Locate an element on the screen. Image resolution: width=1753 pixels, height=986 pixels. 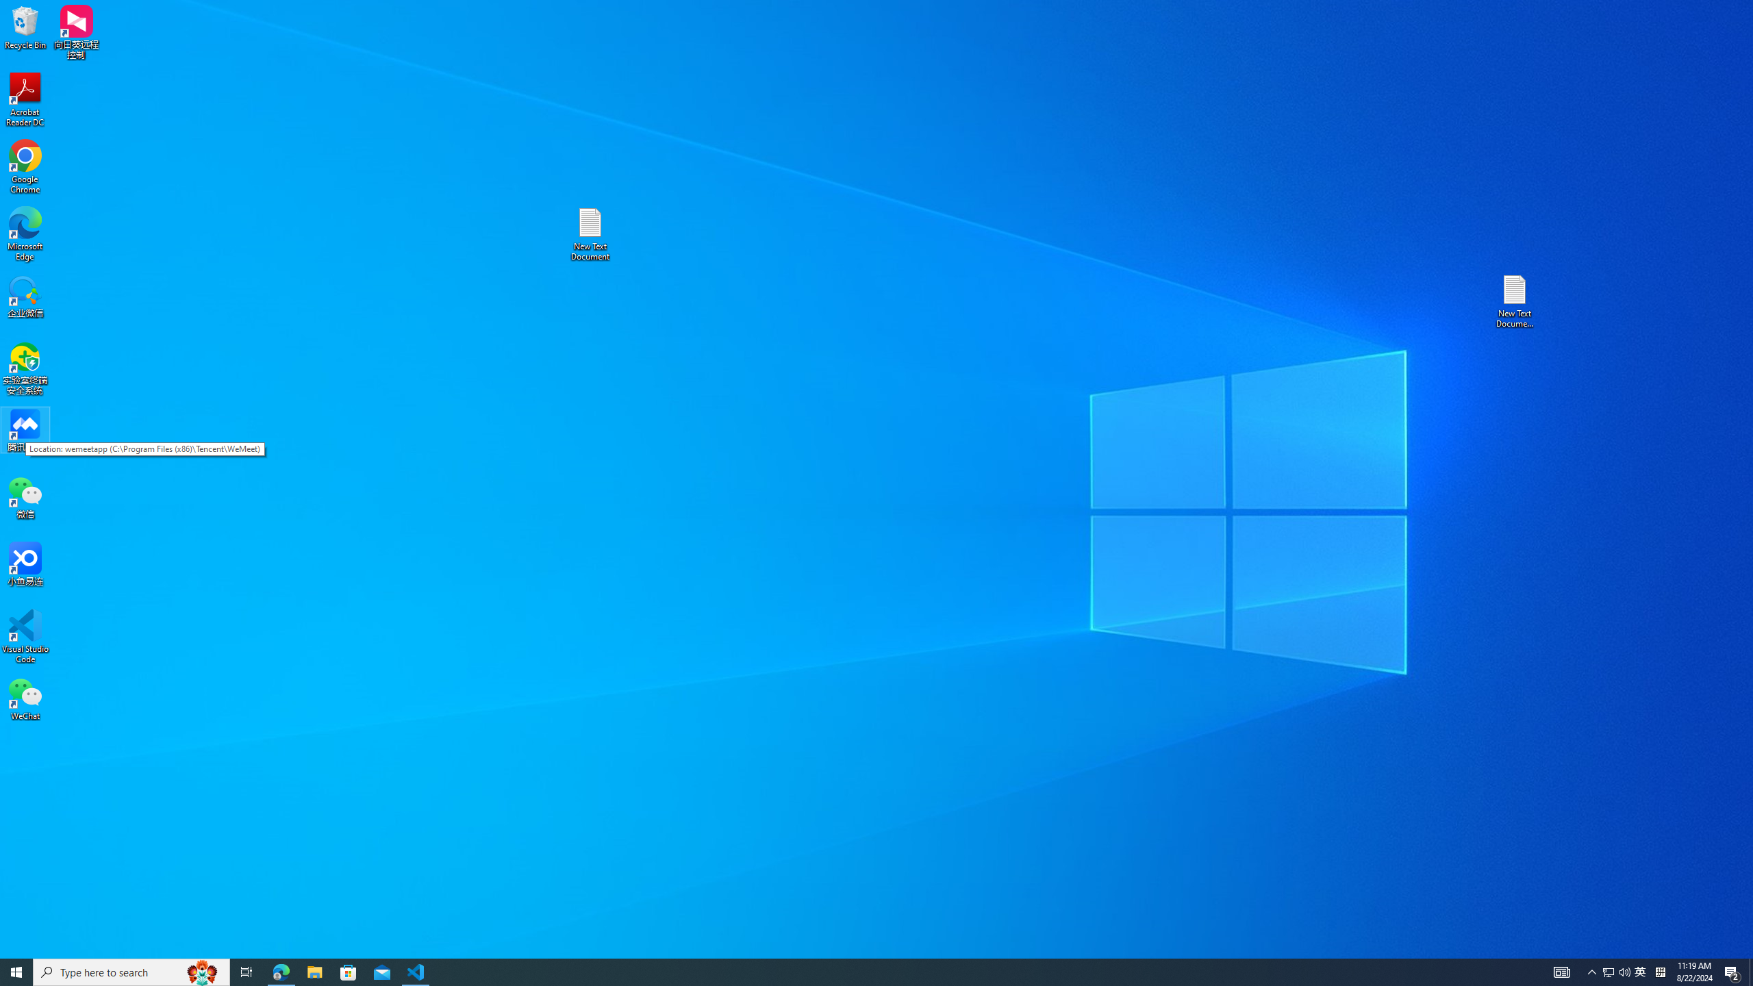
'Visual Studio Code - 1 running window' is located at coordinates (416, 971).